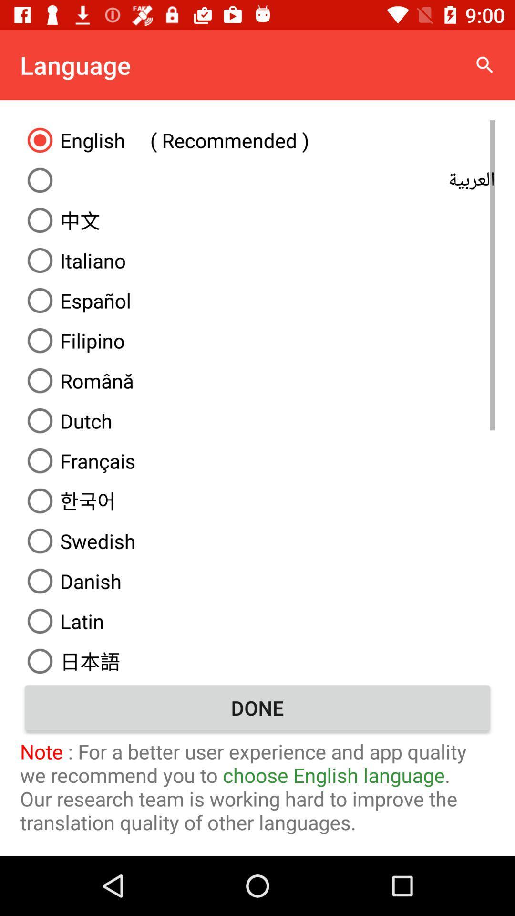 This screenshot has height=916, width=515. I want to click on the filipino icon, so click(257, 341).